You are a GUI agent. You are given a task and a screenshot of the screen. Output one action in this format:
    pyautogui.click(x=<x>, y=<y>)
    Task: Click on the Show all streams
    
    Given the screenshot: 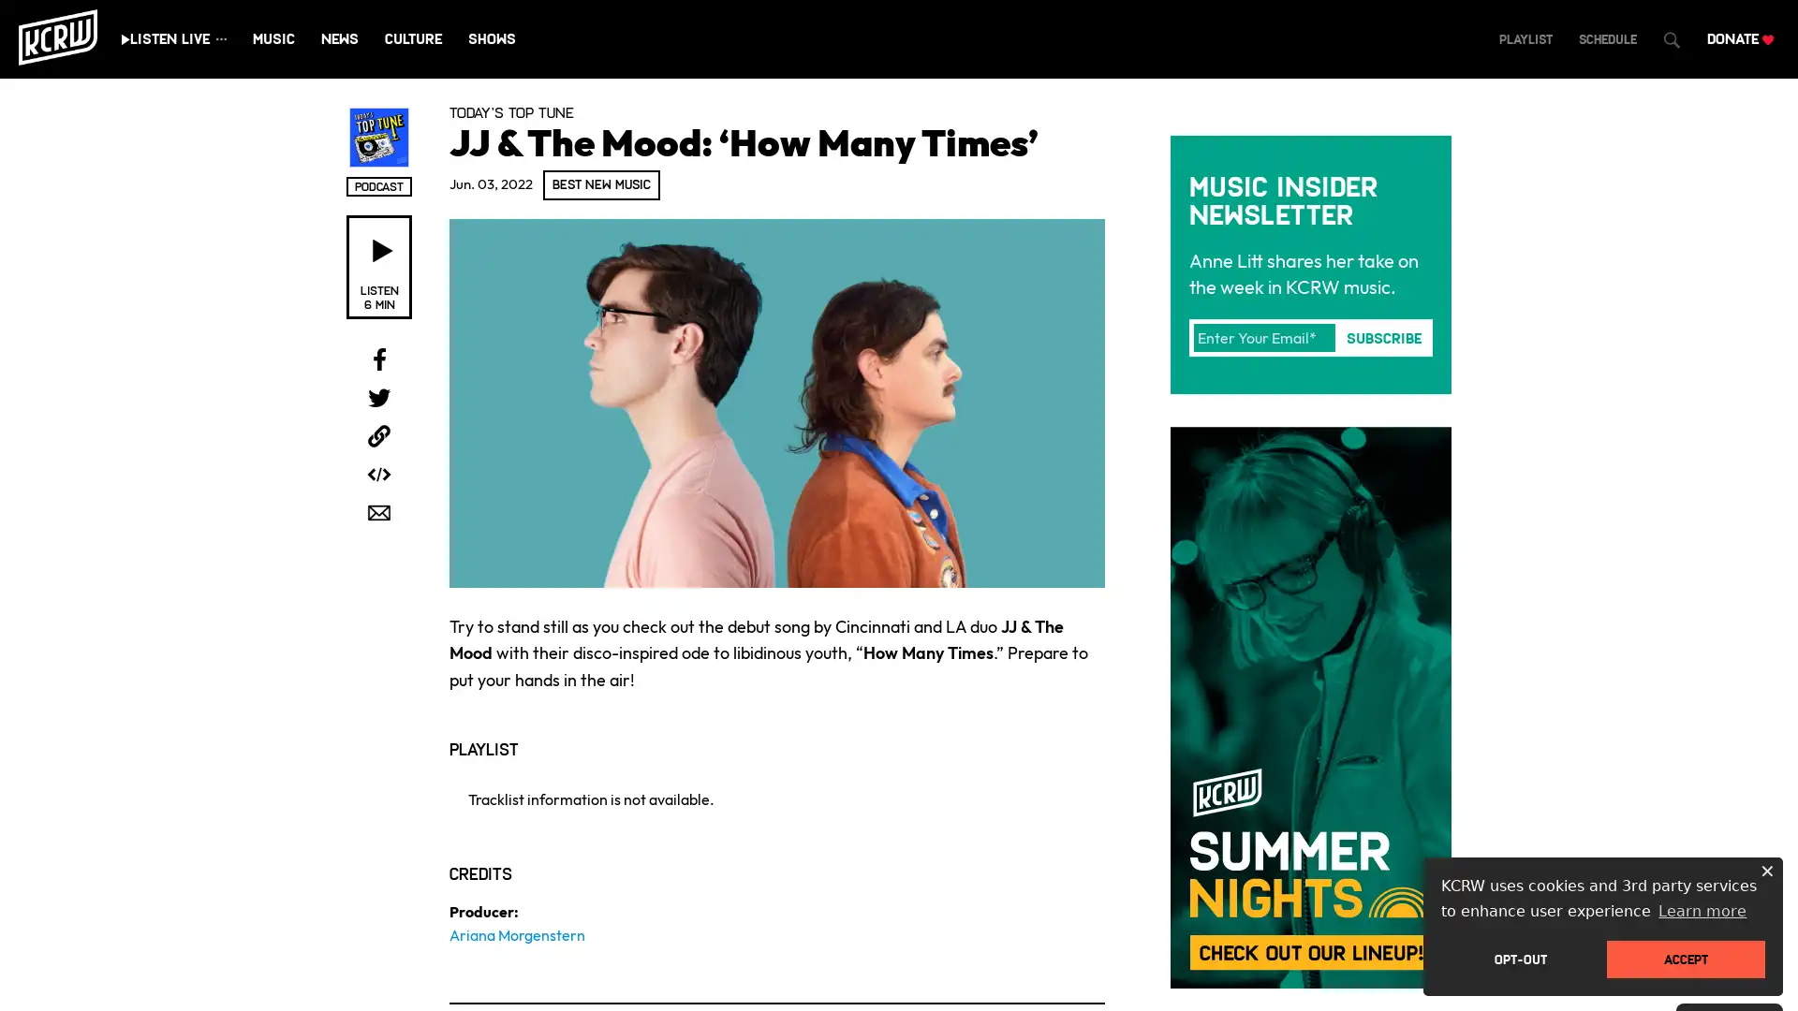 What is the action you would take?
    pyautogui.click(x=221, y=38)
    